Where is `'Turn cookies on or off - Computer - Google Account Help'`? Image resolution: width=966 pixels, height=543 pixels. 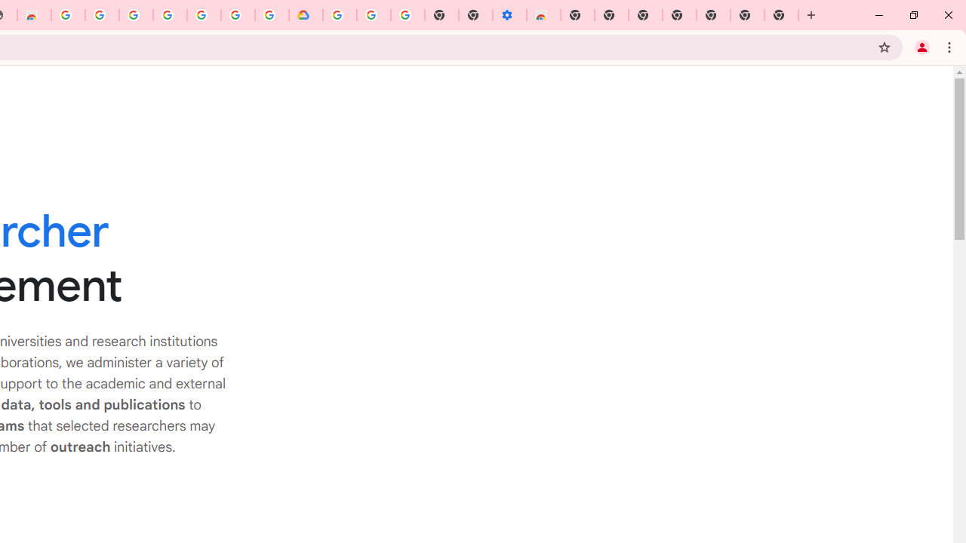
'Turn cookies on or off - Computer - Google Account Help' is located at coordinates (408, 15).